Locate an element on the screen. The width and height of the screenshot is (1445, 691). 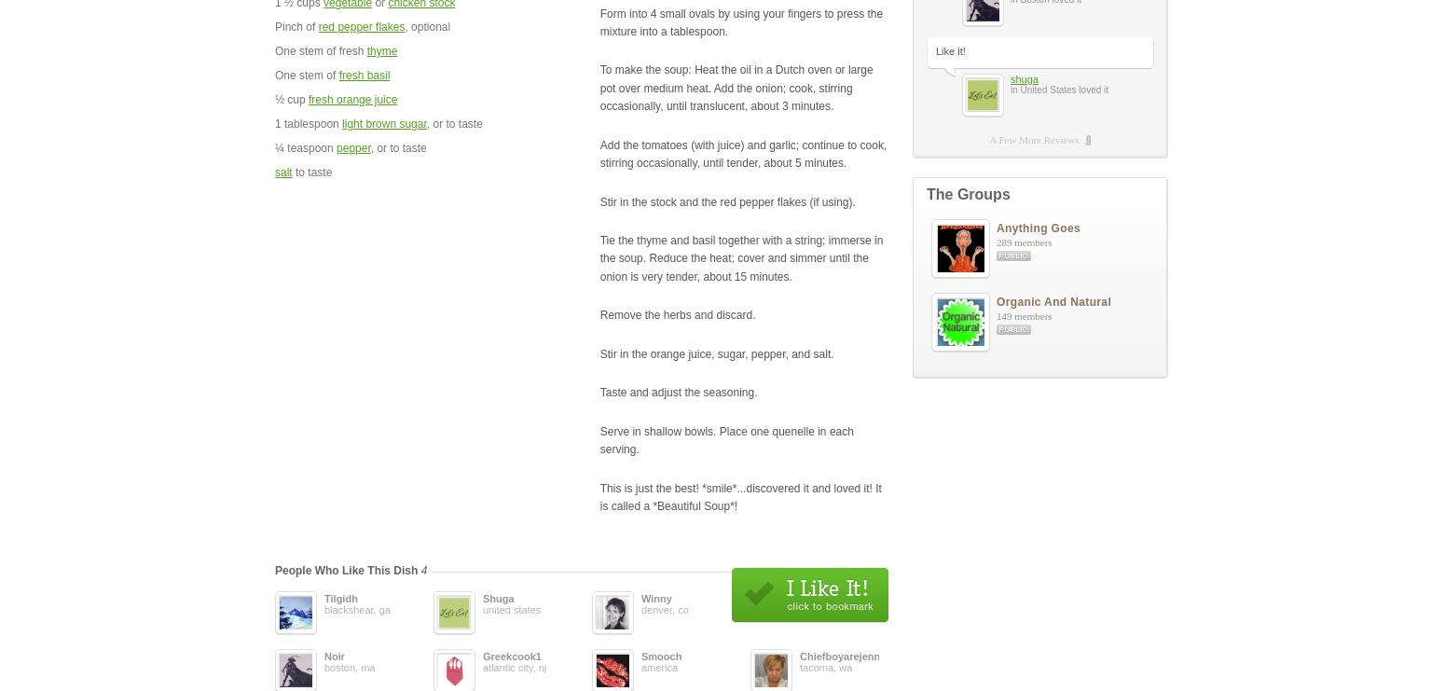
'Form into 4 small ovals by using your fingers to press the mixture into a tablespoon.' is located at coordinates (739, 21).